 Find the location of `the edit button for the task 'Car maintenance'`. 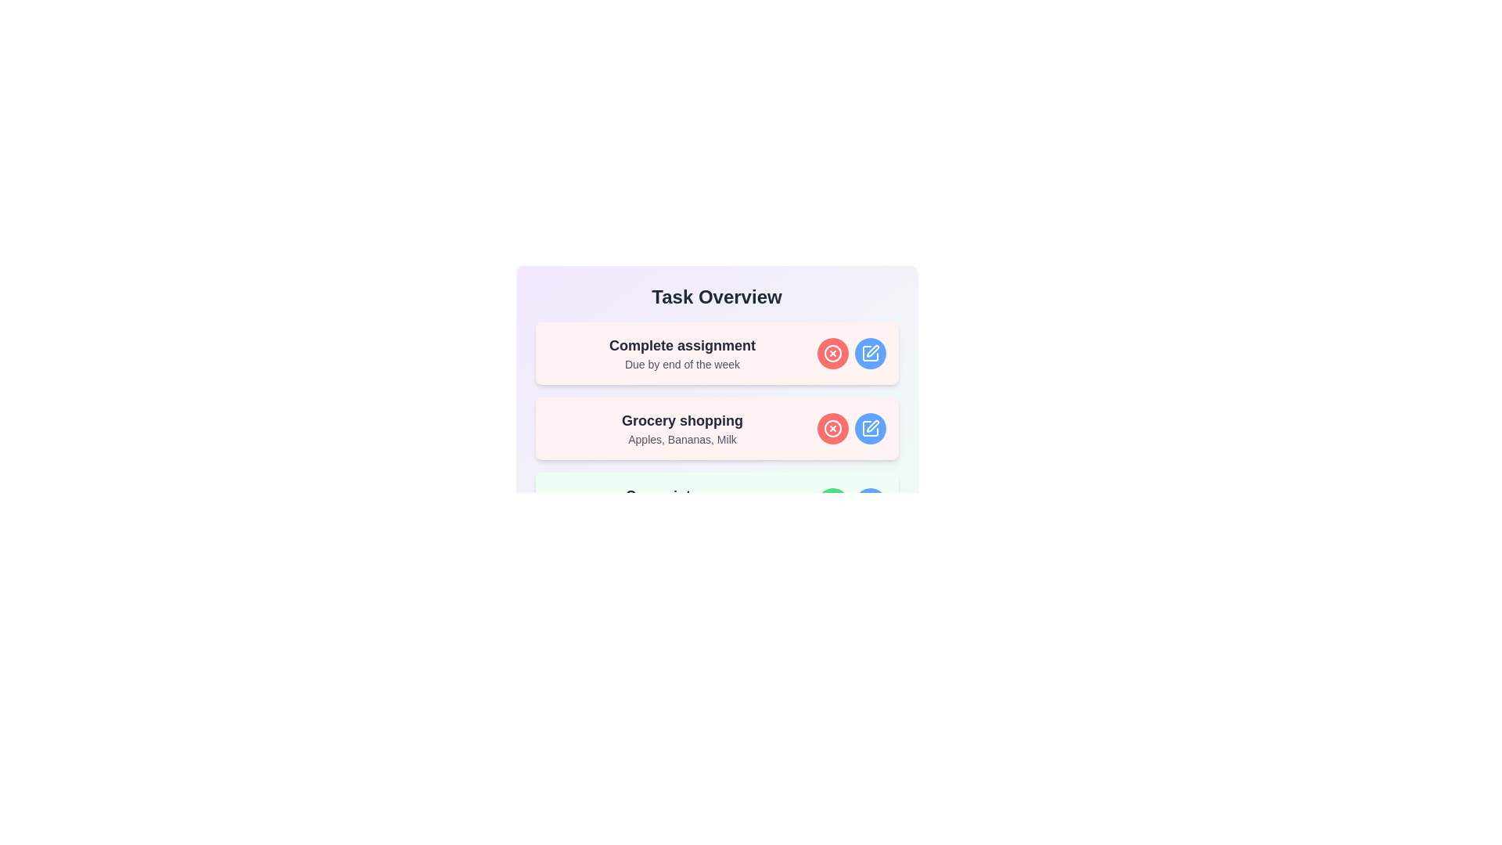

the edit button for the task 'Car maintenance' is located at coordinates (869, 504).